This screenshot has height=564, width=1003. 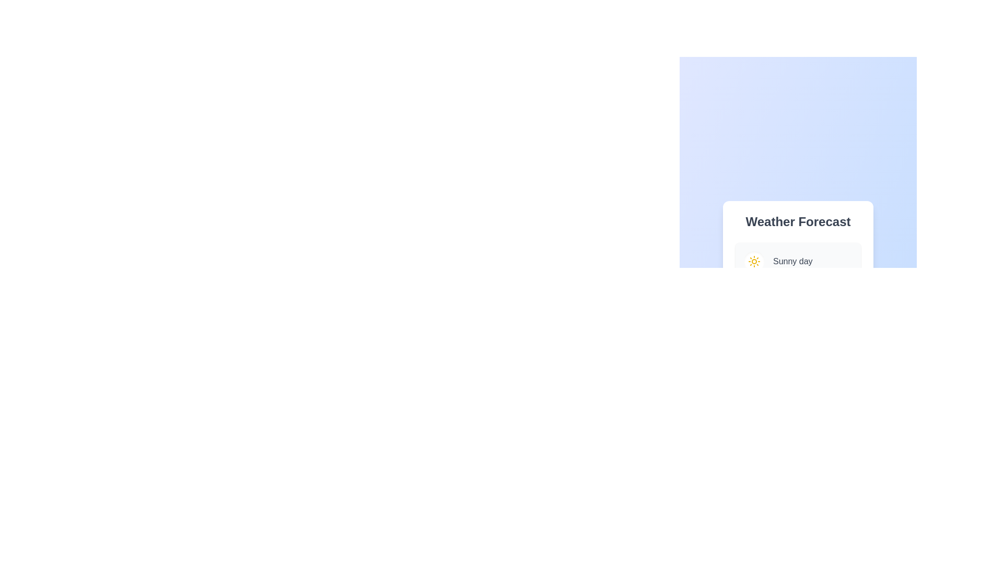 What do you see at coordinates (797, 261) in the screenshot?
I see `the weather option Sunny day to view its details` at bounding box center [797, 261].